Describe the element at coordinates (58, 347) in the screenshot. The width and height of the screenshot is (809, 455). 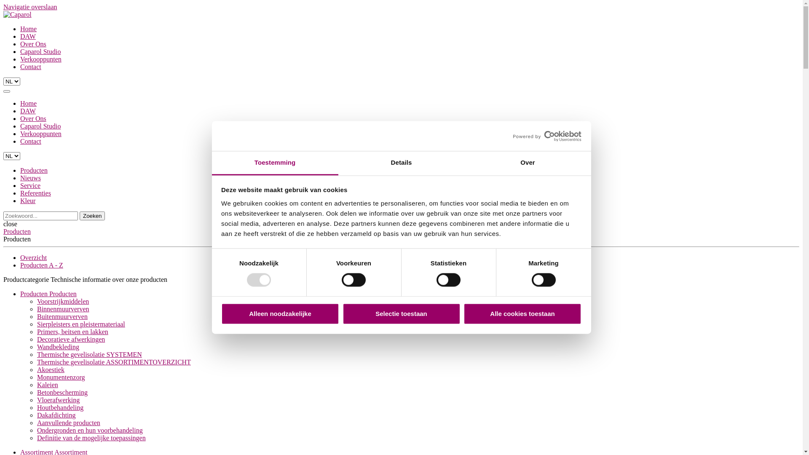
I see `'Wandbekleding'` at that location.